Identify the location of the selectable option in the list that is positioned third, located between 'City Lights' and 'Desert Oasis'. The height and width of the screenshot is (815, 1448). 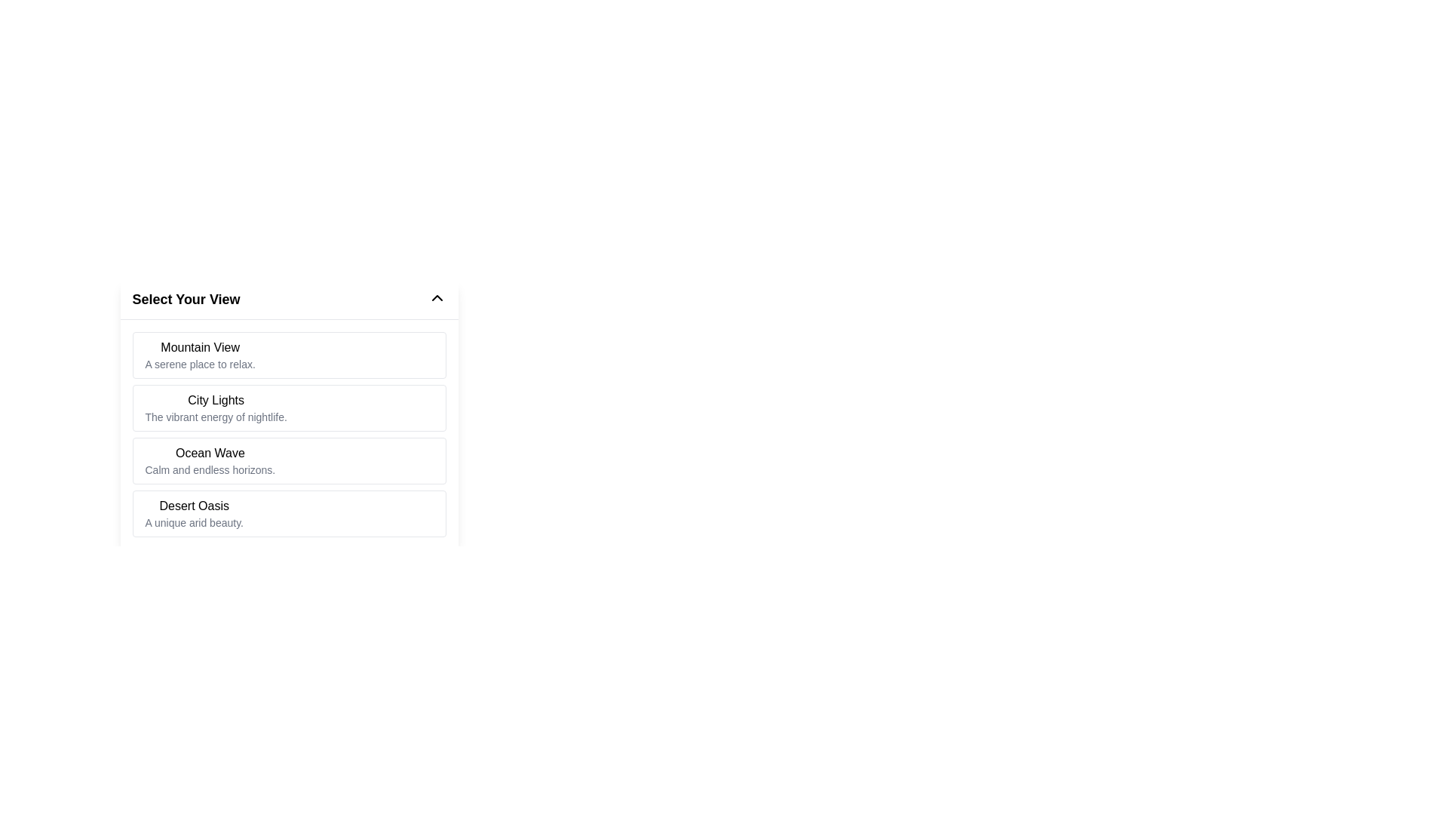
(209, 460).